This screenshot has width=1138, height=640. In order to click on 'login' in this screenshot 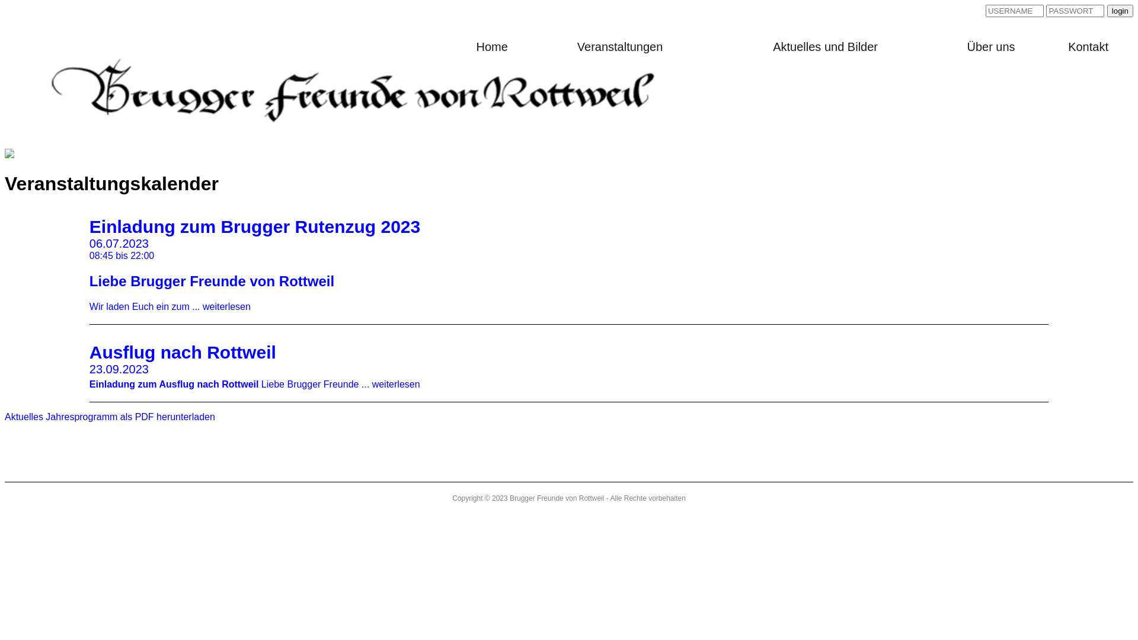, I will do `click(1120, 11)`.